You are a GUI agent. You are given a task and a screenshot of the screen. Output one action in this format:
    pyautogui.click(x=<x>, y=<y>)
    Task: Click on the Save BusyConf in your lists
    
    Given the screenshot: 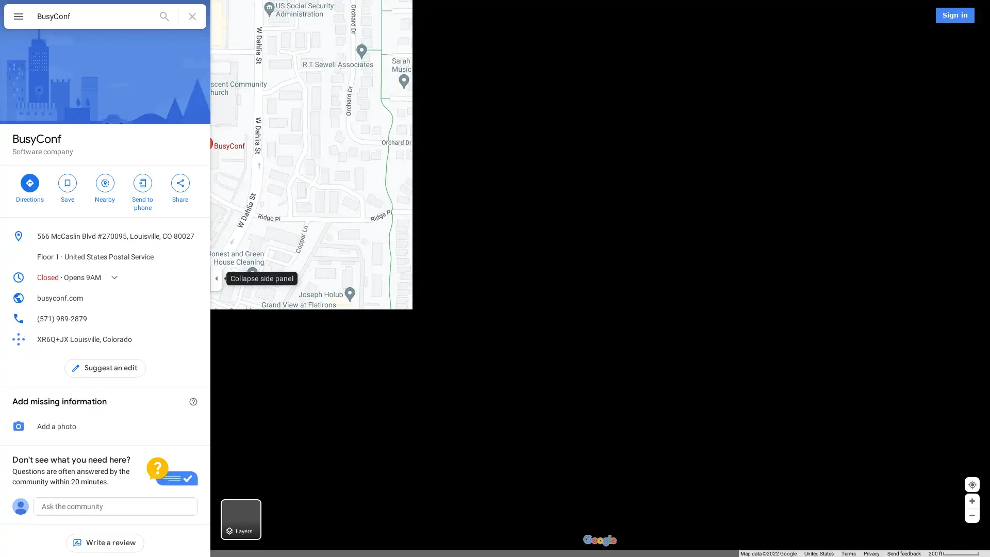 What is the action you would take?
    pyautogui.click(x=67, y=187)
    